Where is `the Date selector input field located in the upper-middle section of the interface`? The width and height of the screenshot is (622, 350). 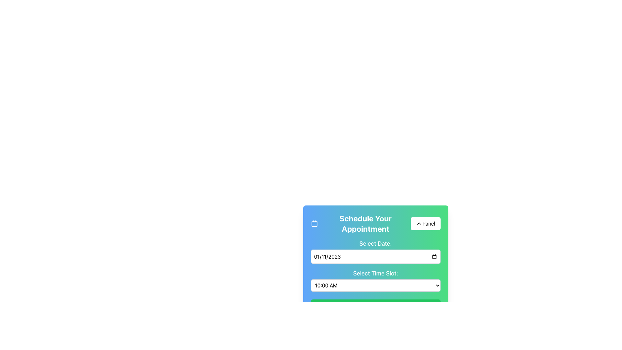
the Date selector input field located in the upper-middle section of the interface is located at coordinates (375, 251).